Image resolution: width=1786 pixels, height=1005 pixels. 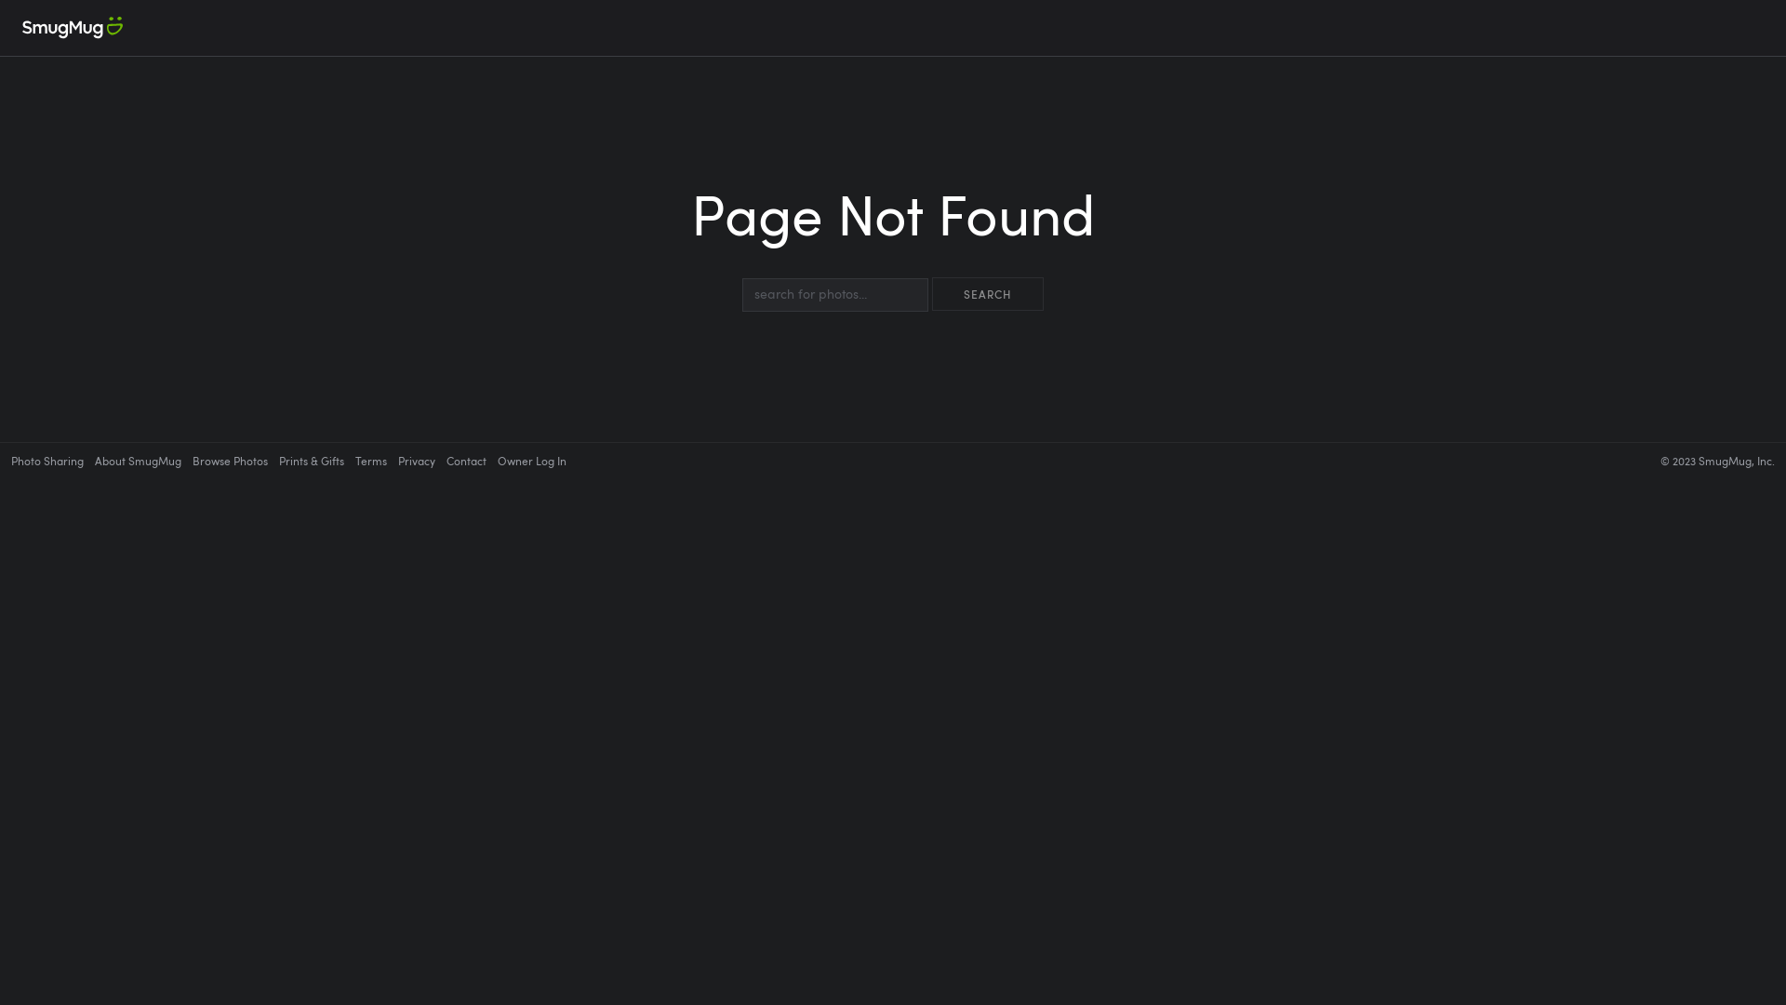 What do you see at coordinates (72, 28) in the screenshot?
I see `'SmugMug'` at bounding box center [72, 28].